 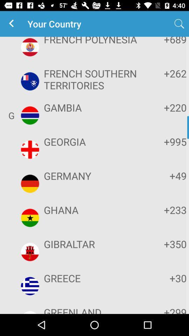 I want to click on item above the gibraltar icon, so click(x=93, y=210).